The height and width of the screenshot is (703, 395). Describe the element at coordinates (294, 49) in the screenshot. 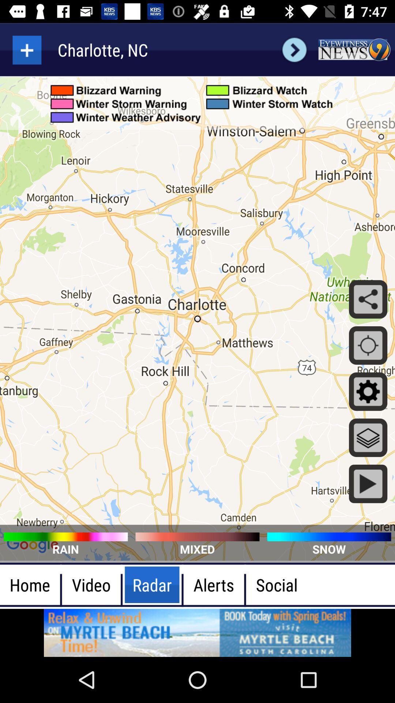

I see `the arrow_forward icon` at that location.